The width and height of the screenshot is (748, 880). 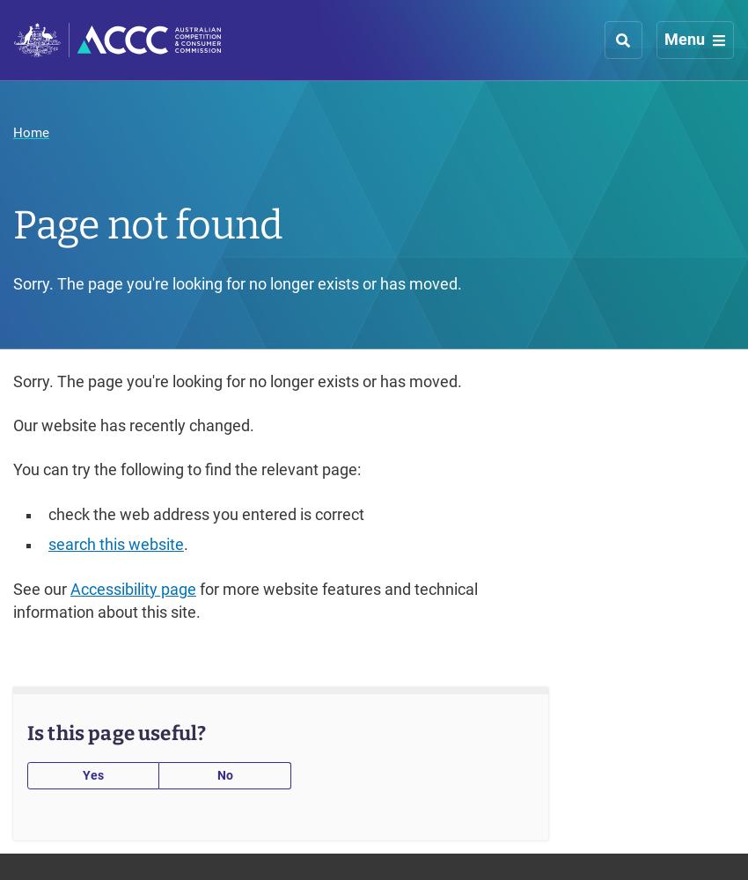 I want to click on 'No', so click(x=224, y=774).